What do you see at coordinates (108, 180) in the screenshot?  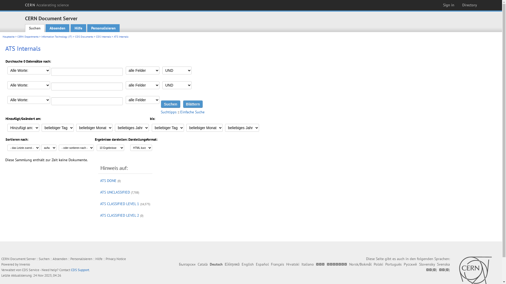 I see `'ATS DONE'` at bounding box center [108, 180].